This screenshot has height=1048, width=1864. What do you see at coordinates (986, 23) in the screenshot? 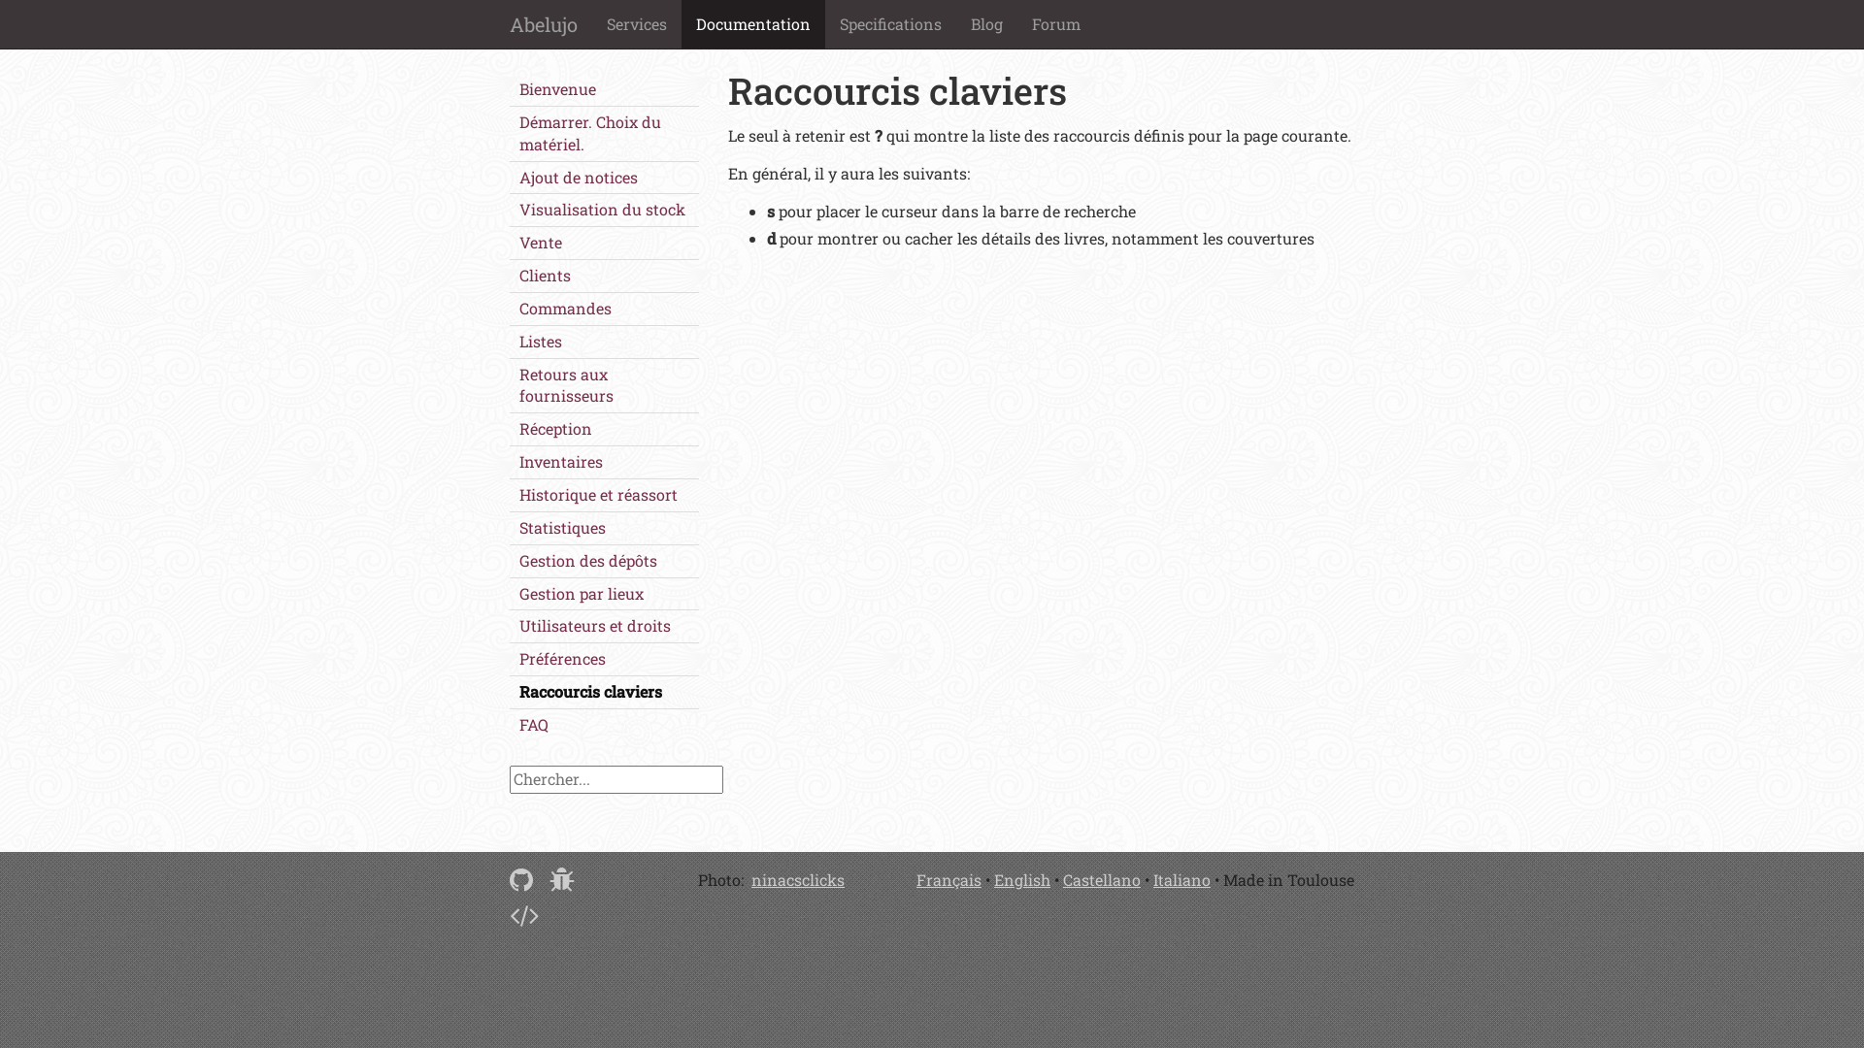
I see `'Blog'` at bounding box center [986, 23].